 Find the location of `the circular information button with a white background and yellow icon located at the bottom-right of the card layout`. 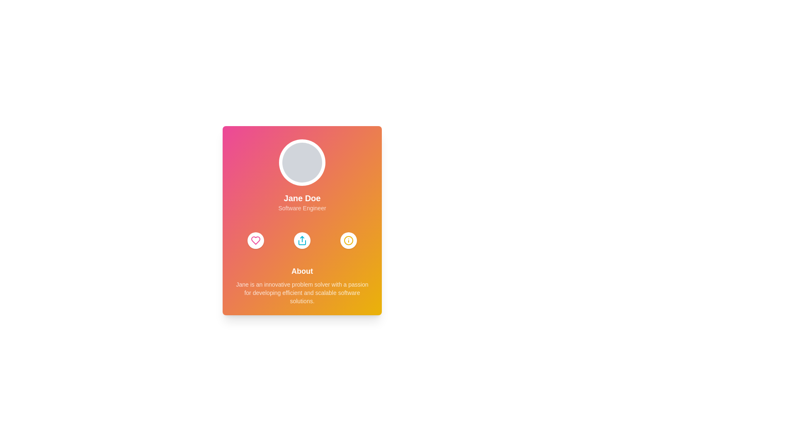

the circular information button with a white background and yellow icon located at the bottom-right of the card layout is located at coordinates (348, 240).